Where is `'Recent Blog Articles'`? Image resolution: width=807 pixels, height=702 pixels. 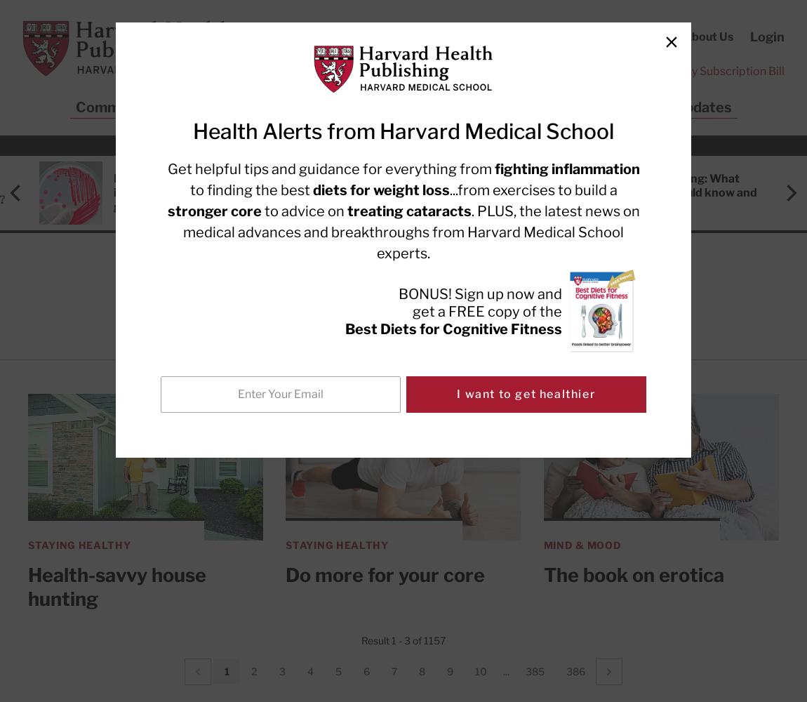 'Recent Blog Articles' is located at coordinates (403, 145).